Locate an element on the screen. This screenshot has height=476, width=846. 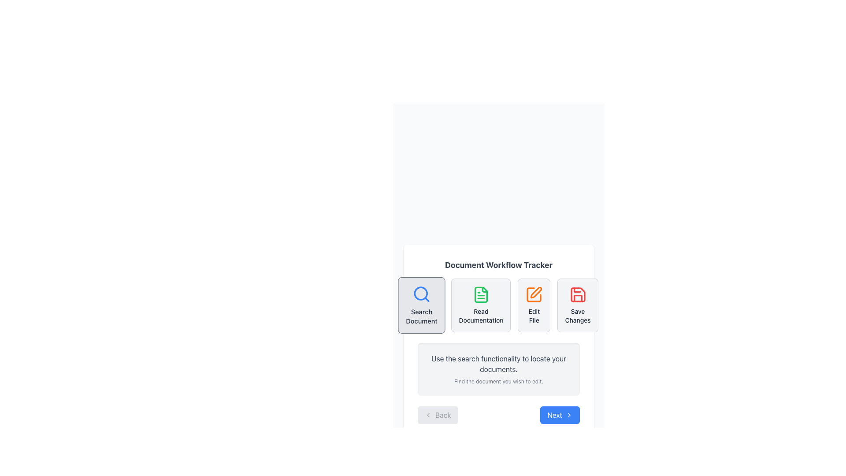
the orange pen icon representing the 'Edit File' button, which is located above the label 'Edit File' is located at coordinates (534, 294).